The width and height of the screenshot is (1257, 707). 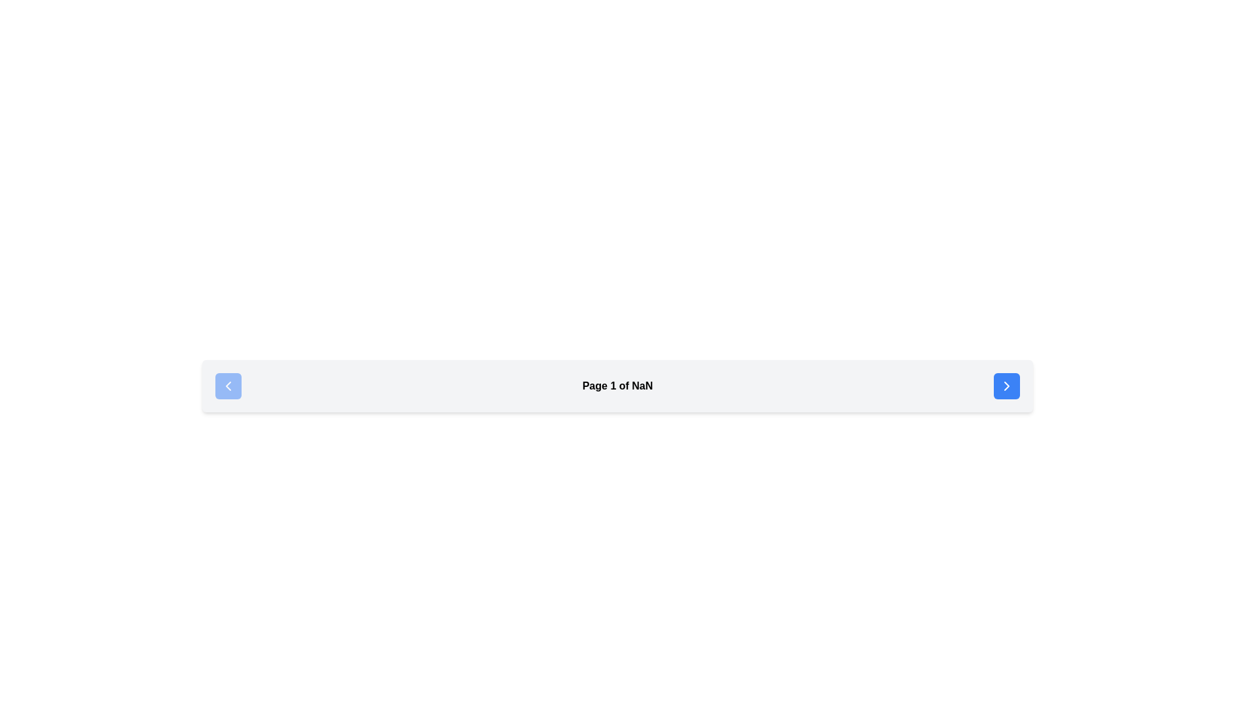 What do you see at coordinates (1006, 386) in the screenshot?
I see `keyboard navigation` at bounding box center [1006, 386].